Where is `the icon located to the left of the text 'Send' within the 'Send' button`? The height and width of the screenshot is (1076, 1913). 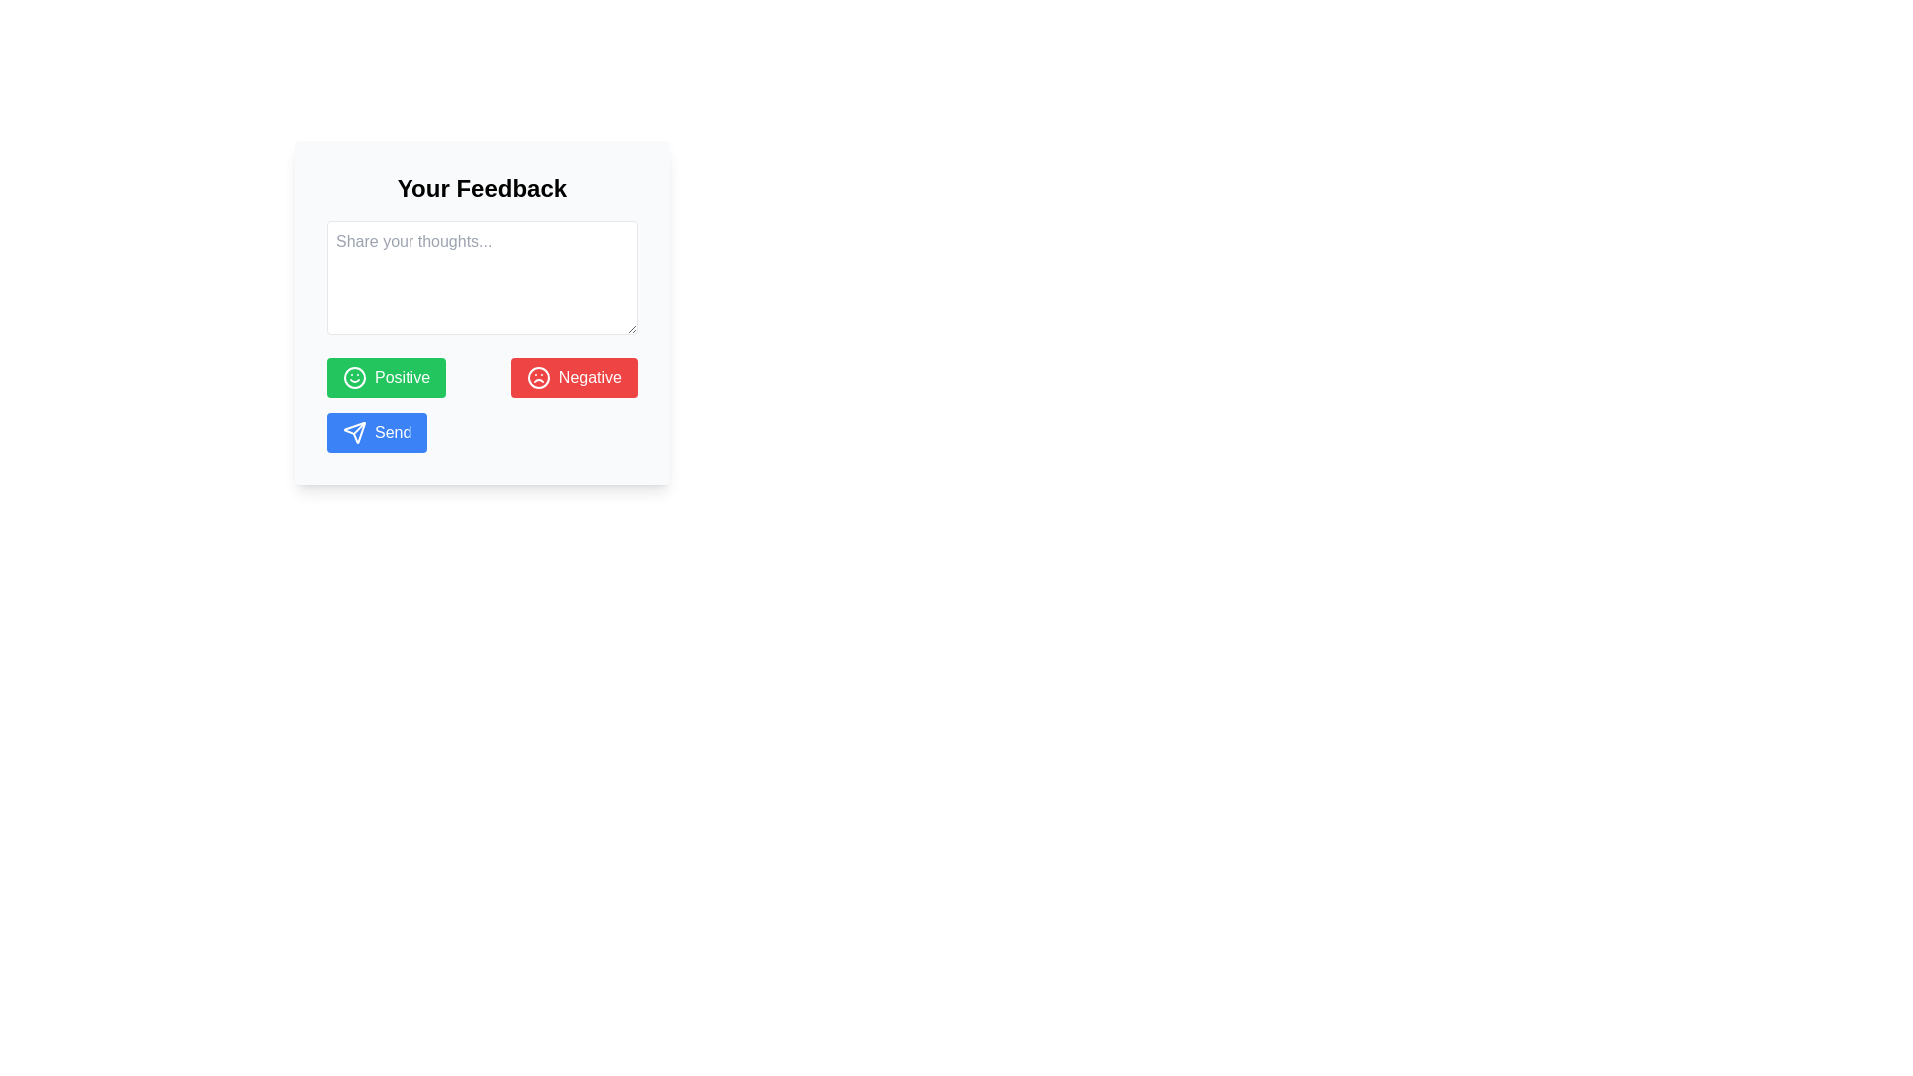
the icon located to the left of the text 'Send' within the 'Send' button is located at coordinates (354, 432).